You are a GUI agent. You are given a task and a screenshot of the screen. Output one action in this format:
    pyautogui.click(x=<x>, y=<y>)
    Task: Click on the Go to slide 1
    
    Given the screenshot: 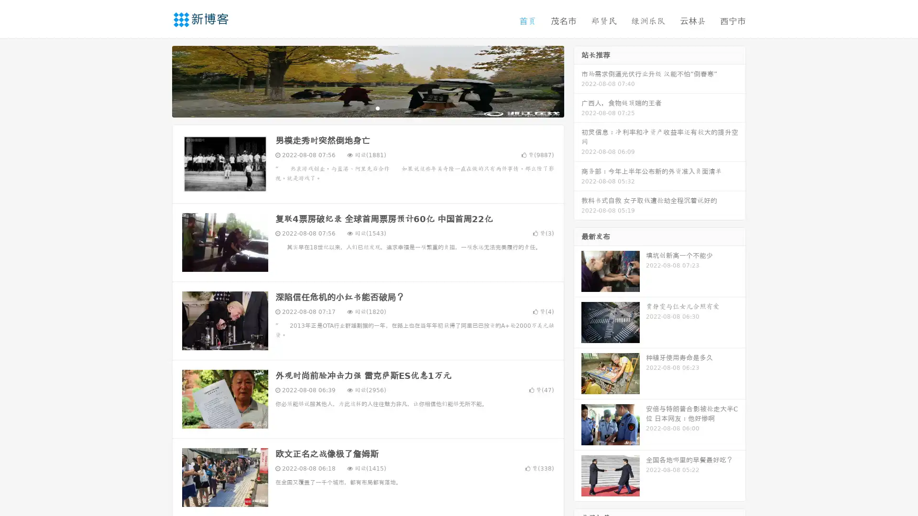 What is the action you would take?
    pyautogui.click(x=358, y=107)
    